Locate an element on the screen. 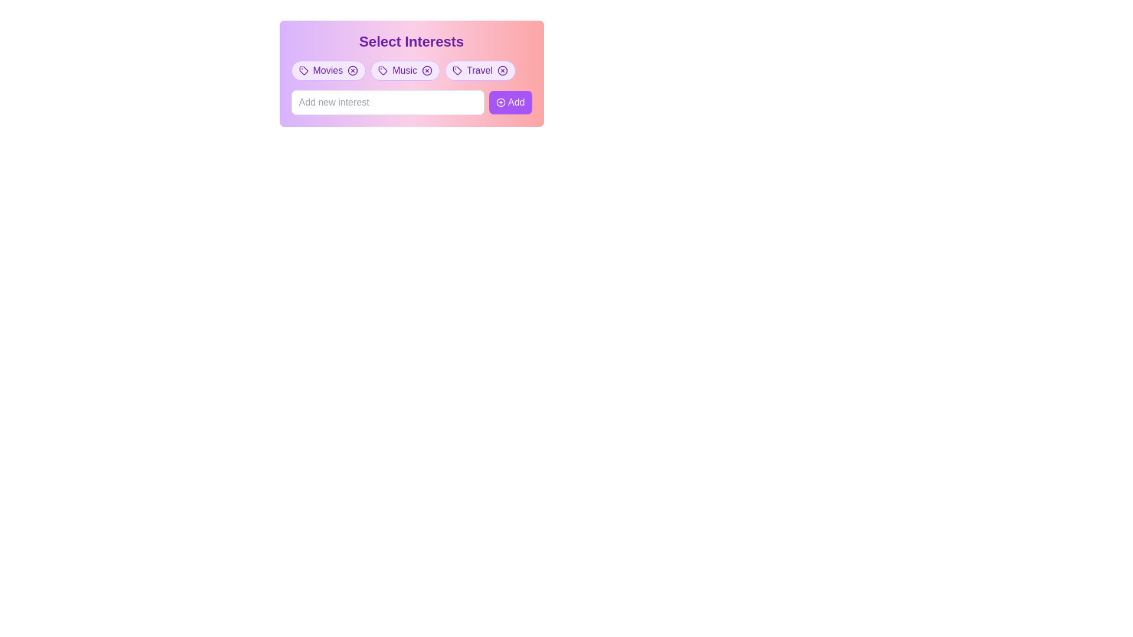 This screenshot has width=1133, height=637. the 'Music' category button located centrally among the three buttons labeled 'Movies', 'Music', and 'Travel' by using keyboard navigation is located at coordinates (405, 70).